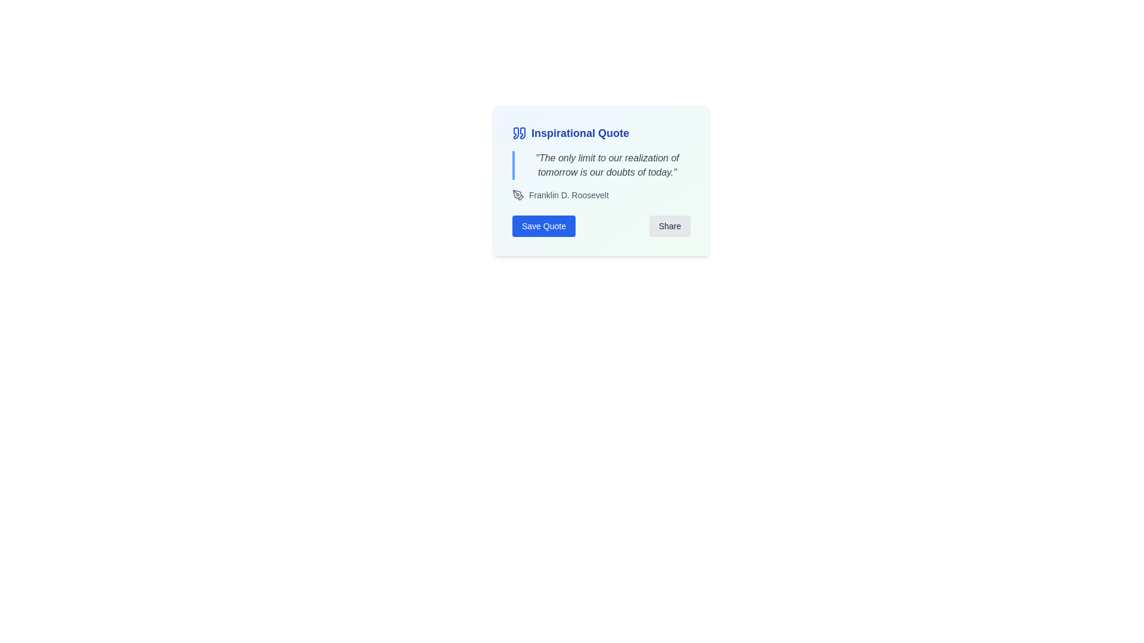  I want to click on text label that credits the quote to 'Franklin D. Roosevelt', positioned below the main quoted text and above the 'Save Quote' and 'Share' buttons, so click(601, 194).